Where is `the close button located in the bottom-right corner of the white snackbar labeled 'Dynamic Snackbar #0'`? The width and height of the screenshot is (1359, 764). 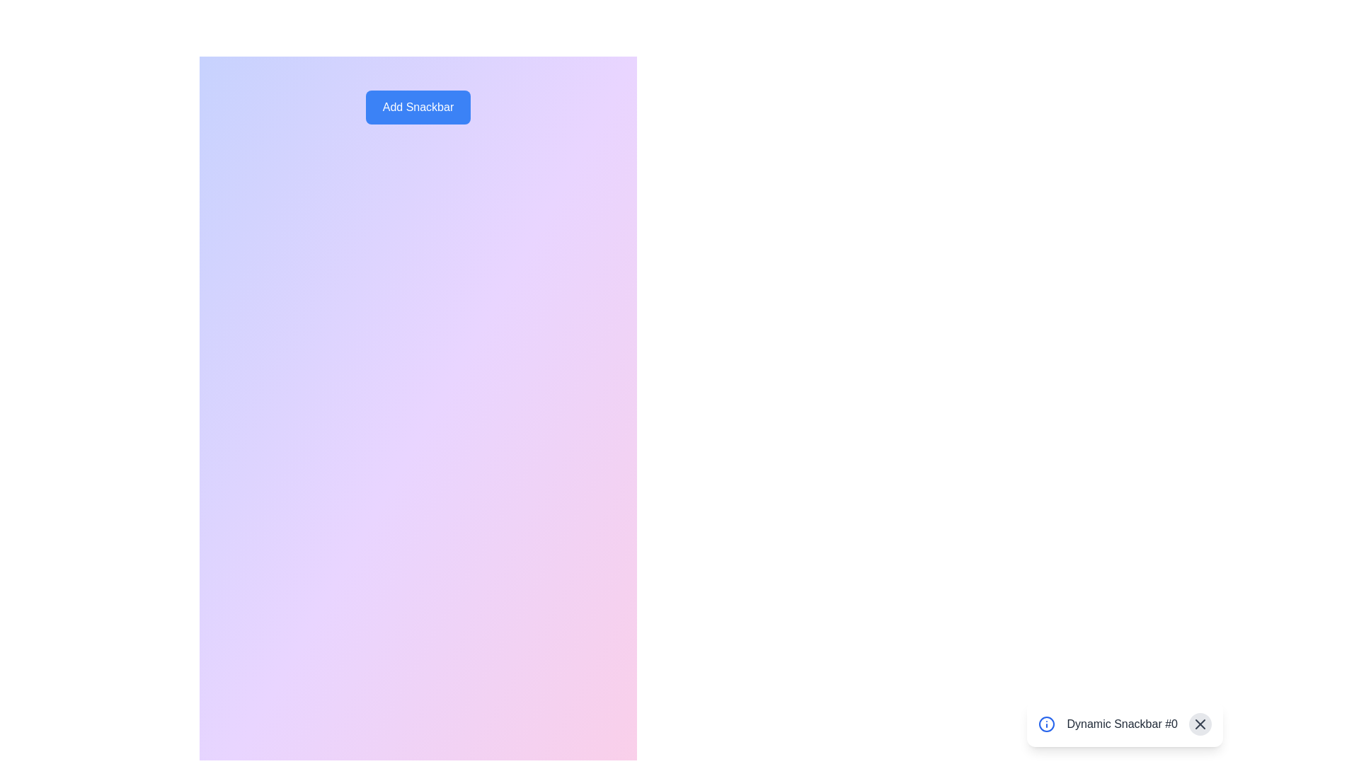
the close button located in the bottom-right corner of the white snackbar labeled 'Dynamic Snackbar #0' is located at coordinates (1199, 724).